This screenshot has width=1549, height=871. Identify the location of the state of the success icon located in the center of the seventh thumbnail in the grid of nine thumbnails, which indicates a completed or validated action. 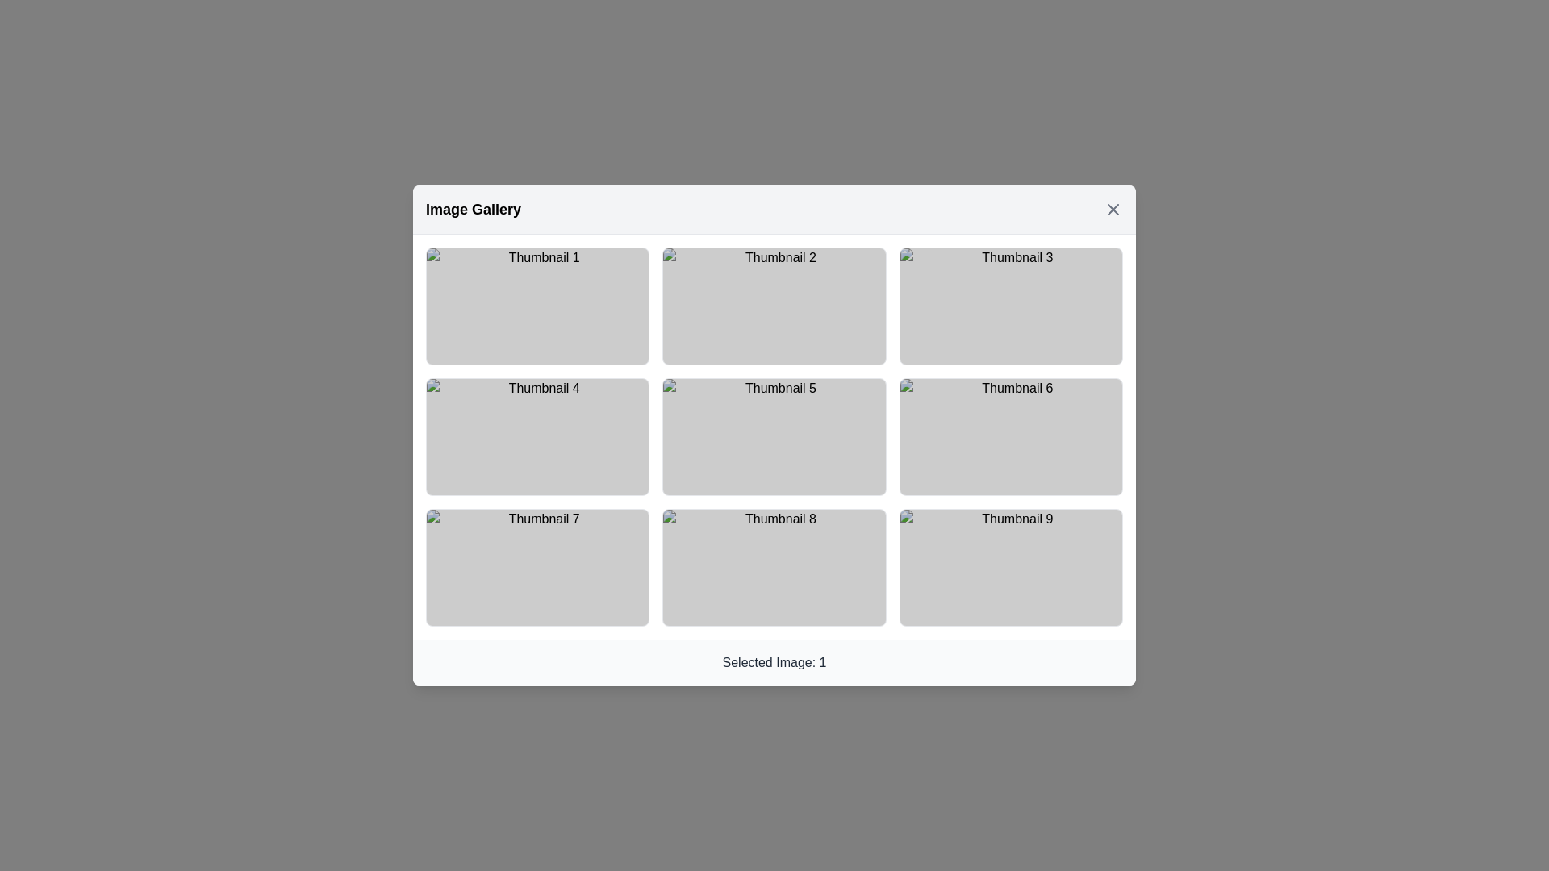
(537, 567).